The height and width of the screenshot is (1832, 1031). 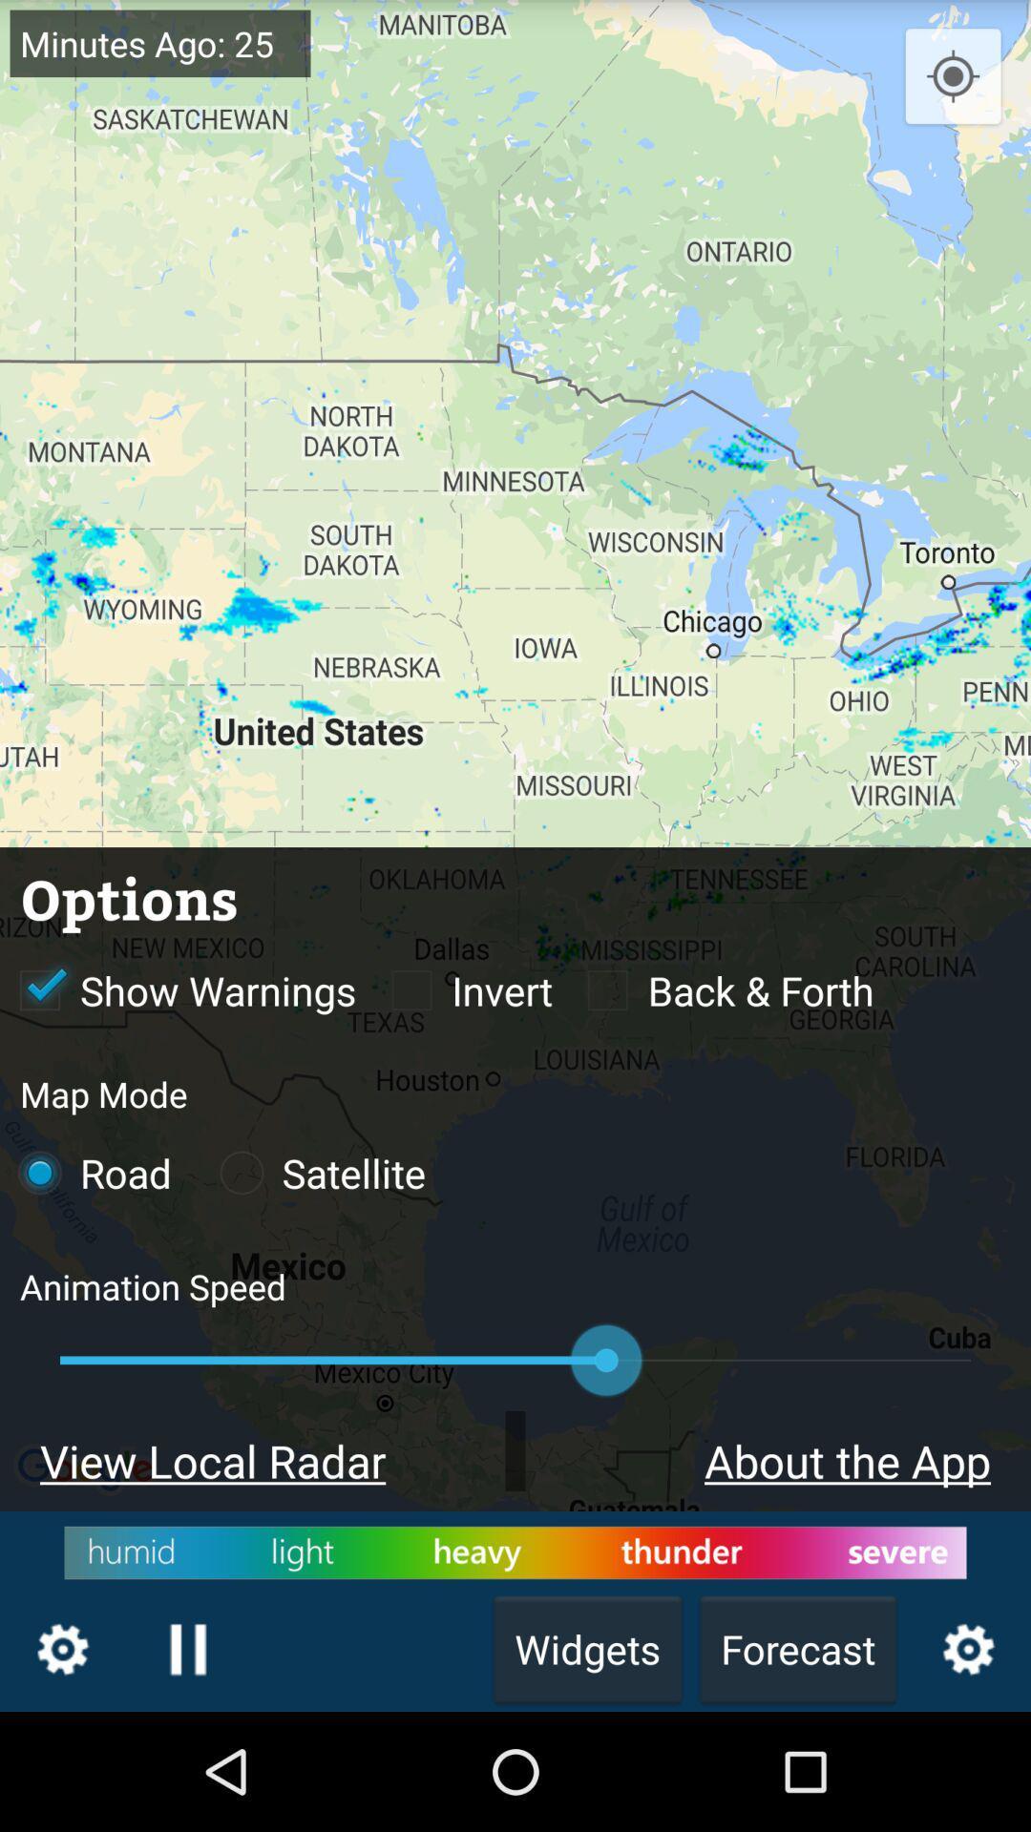 What do you see at coordinates (953, 82) in the screenshot?
I see `the location_crosshair icon` at bounding box center [953, 82].